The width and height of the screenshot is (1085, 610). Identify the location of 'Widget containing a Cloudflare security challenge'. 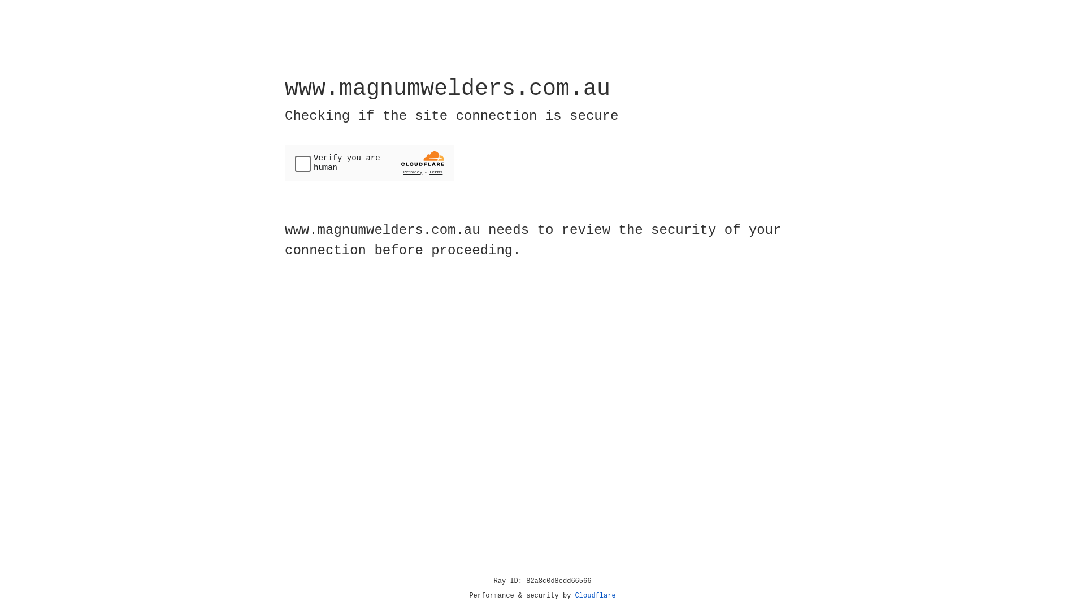
(369, 163).